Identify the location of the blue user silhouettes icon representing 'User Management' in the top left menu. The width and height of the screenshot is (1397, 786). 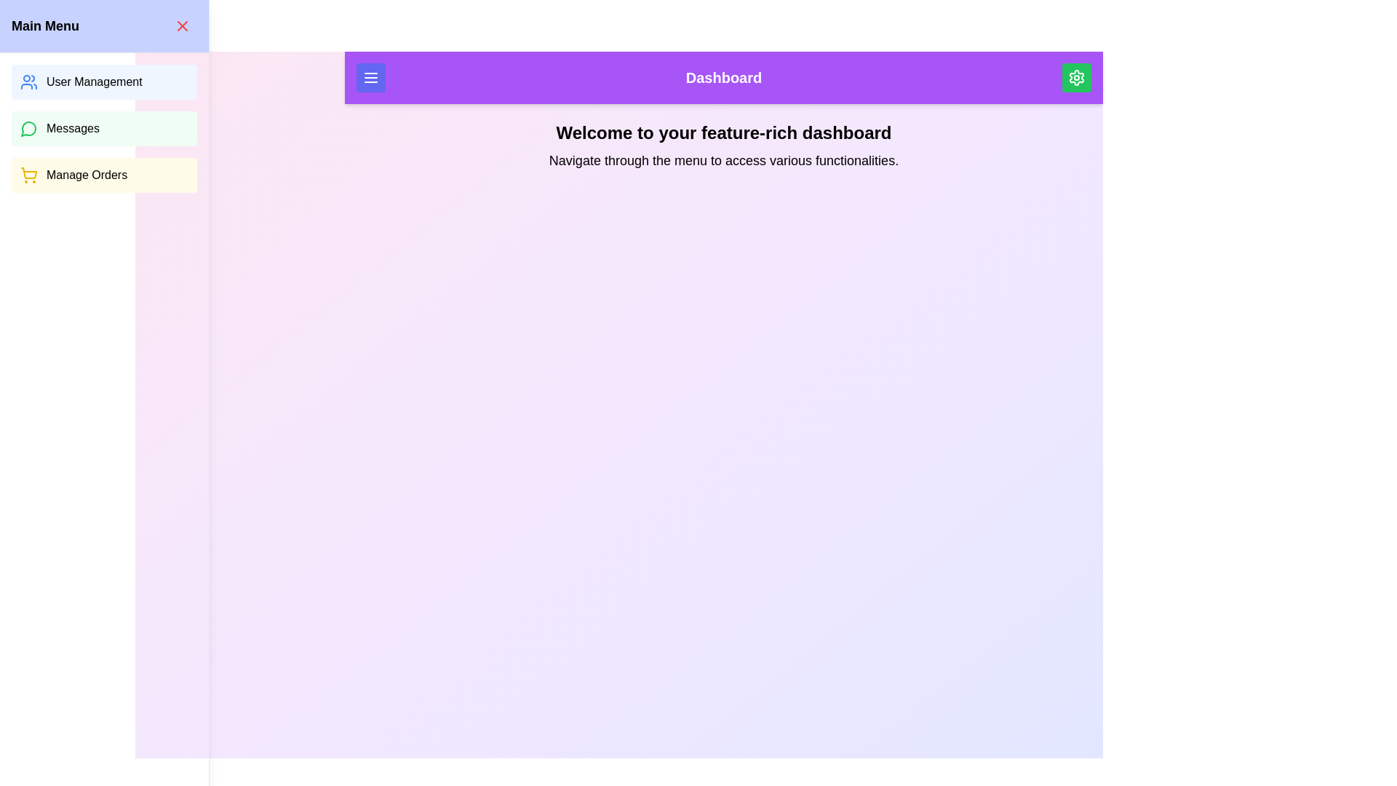
(28, 82).